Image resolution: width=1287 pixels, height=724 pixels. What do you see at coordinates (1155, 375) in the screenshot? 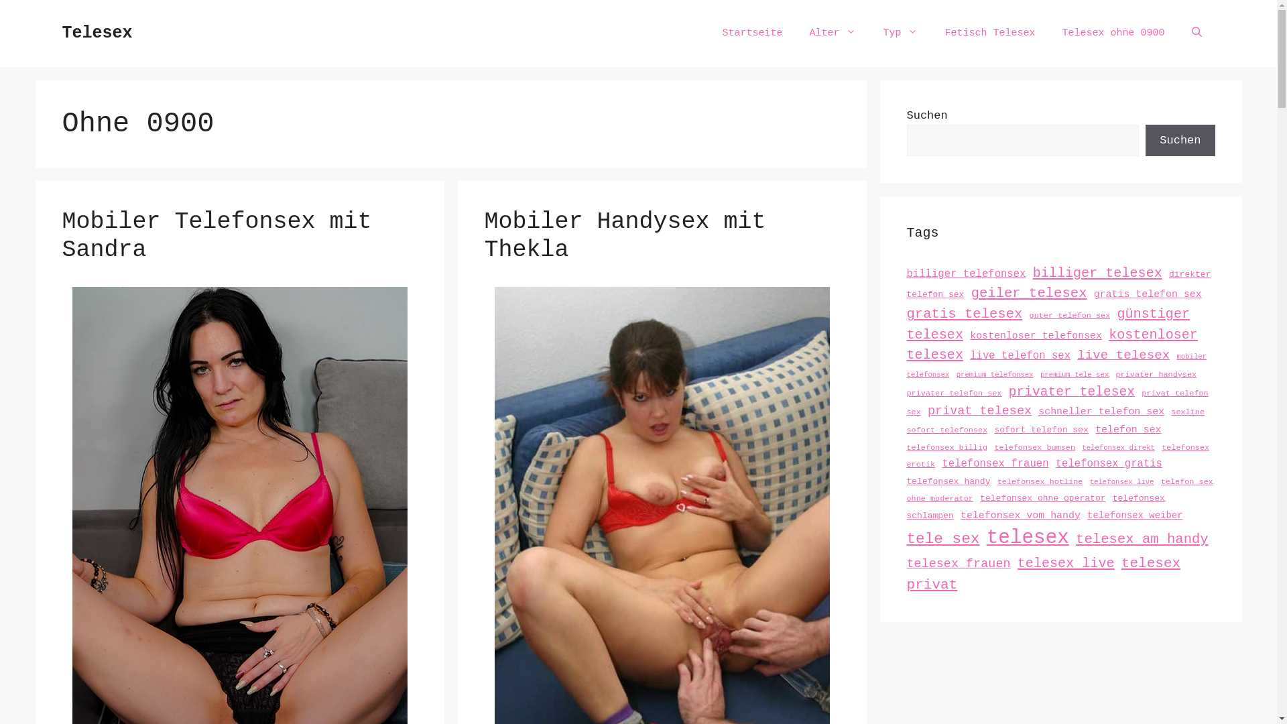
I see `'privater handysex'` at bounding box center [1155, 375].